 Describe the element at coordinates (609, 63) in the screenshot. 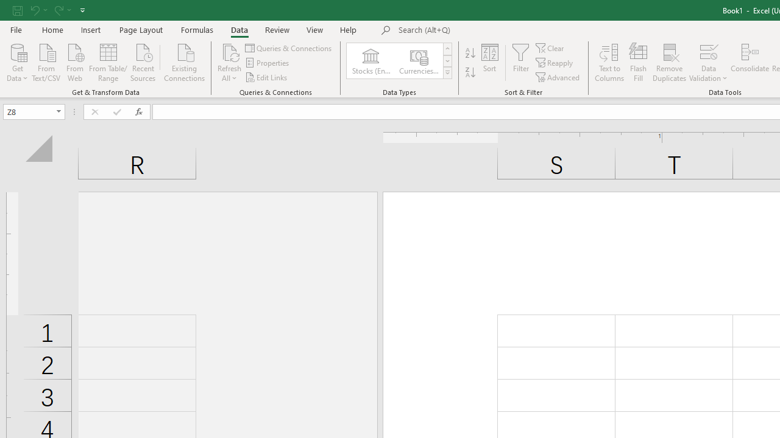

I see `'Text to Columns...'` at that location.